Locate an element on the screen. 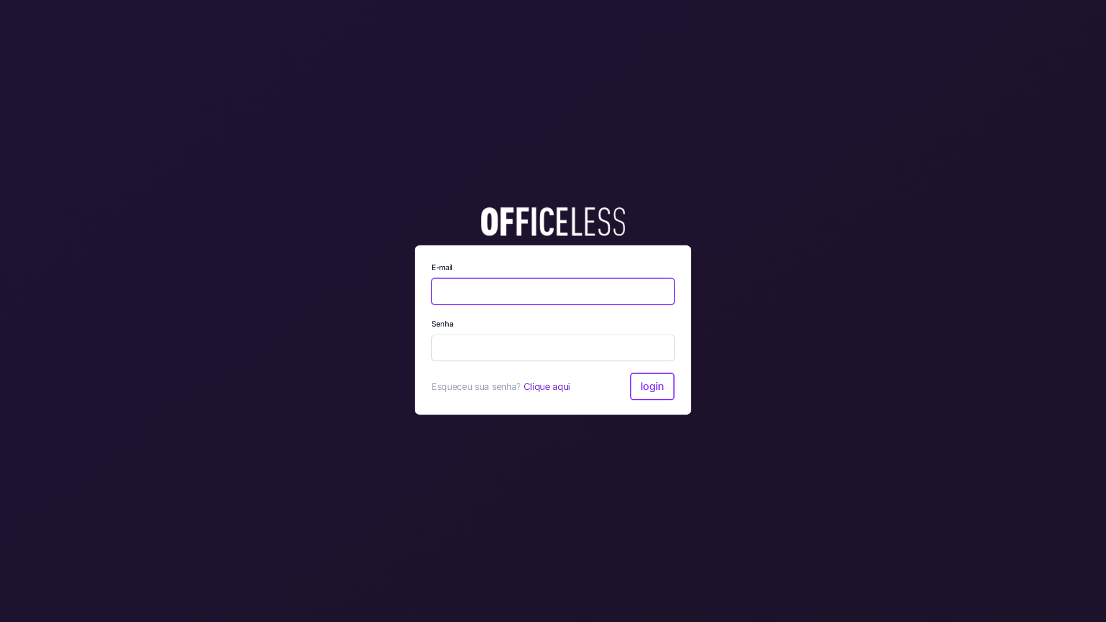  'Login' is located at coordinates (652, 386).